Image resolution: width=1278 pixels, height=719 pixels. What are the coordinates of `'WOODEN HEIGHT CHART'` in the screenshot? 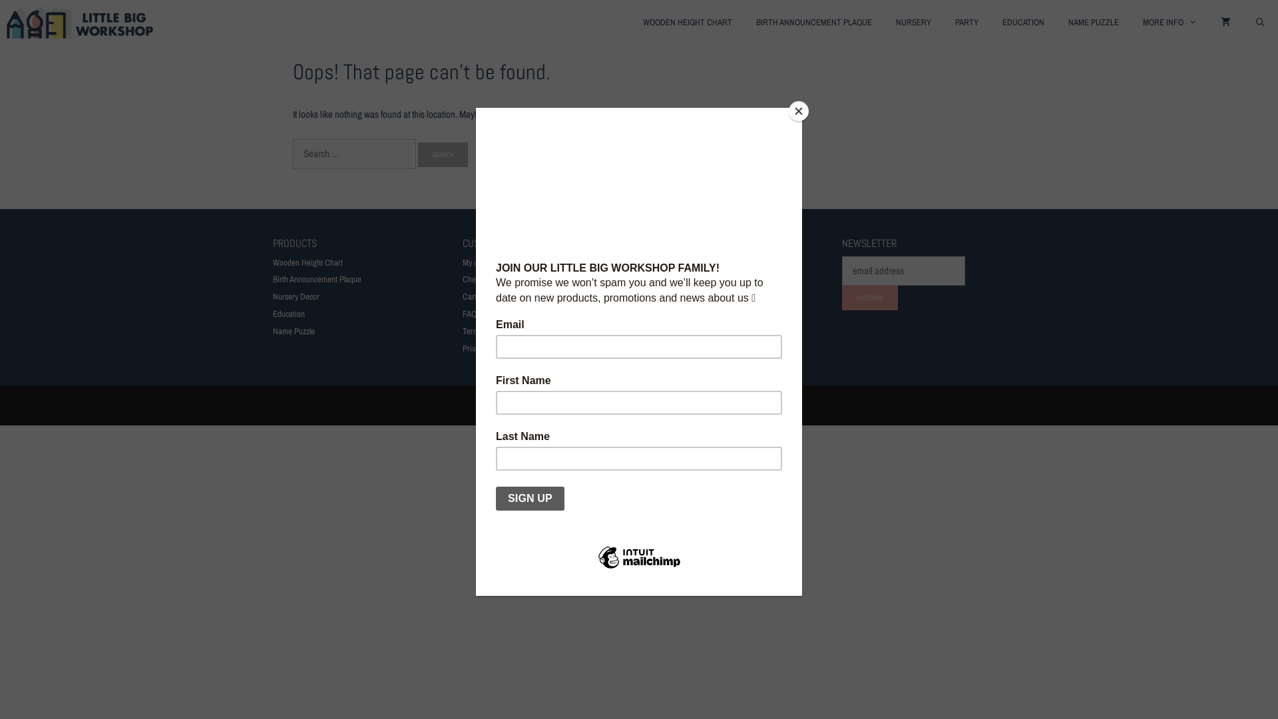 It's located at (687, 23).